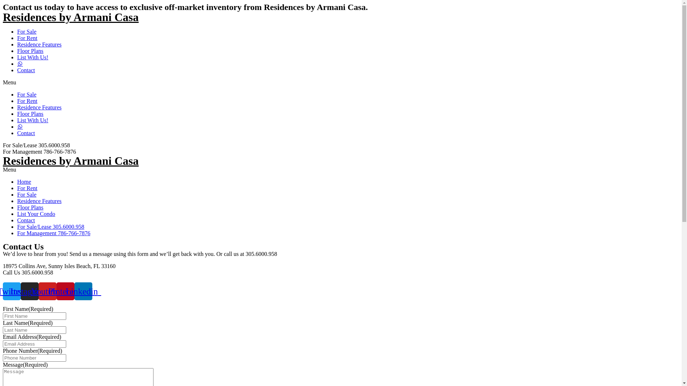 The height and width of the screenshot is (386, 687). What do you see at coordinates (56, 291) in the screenshot?
I see `'Pinterest'` at bounding box center [56, 291].